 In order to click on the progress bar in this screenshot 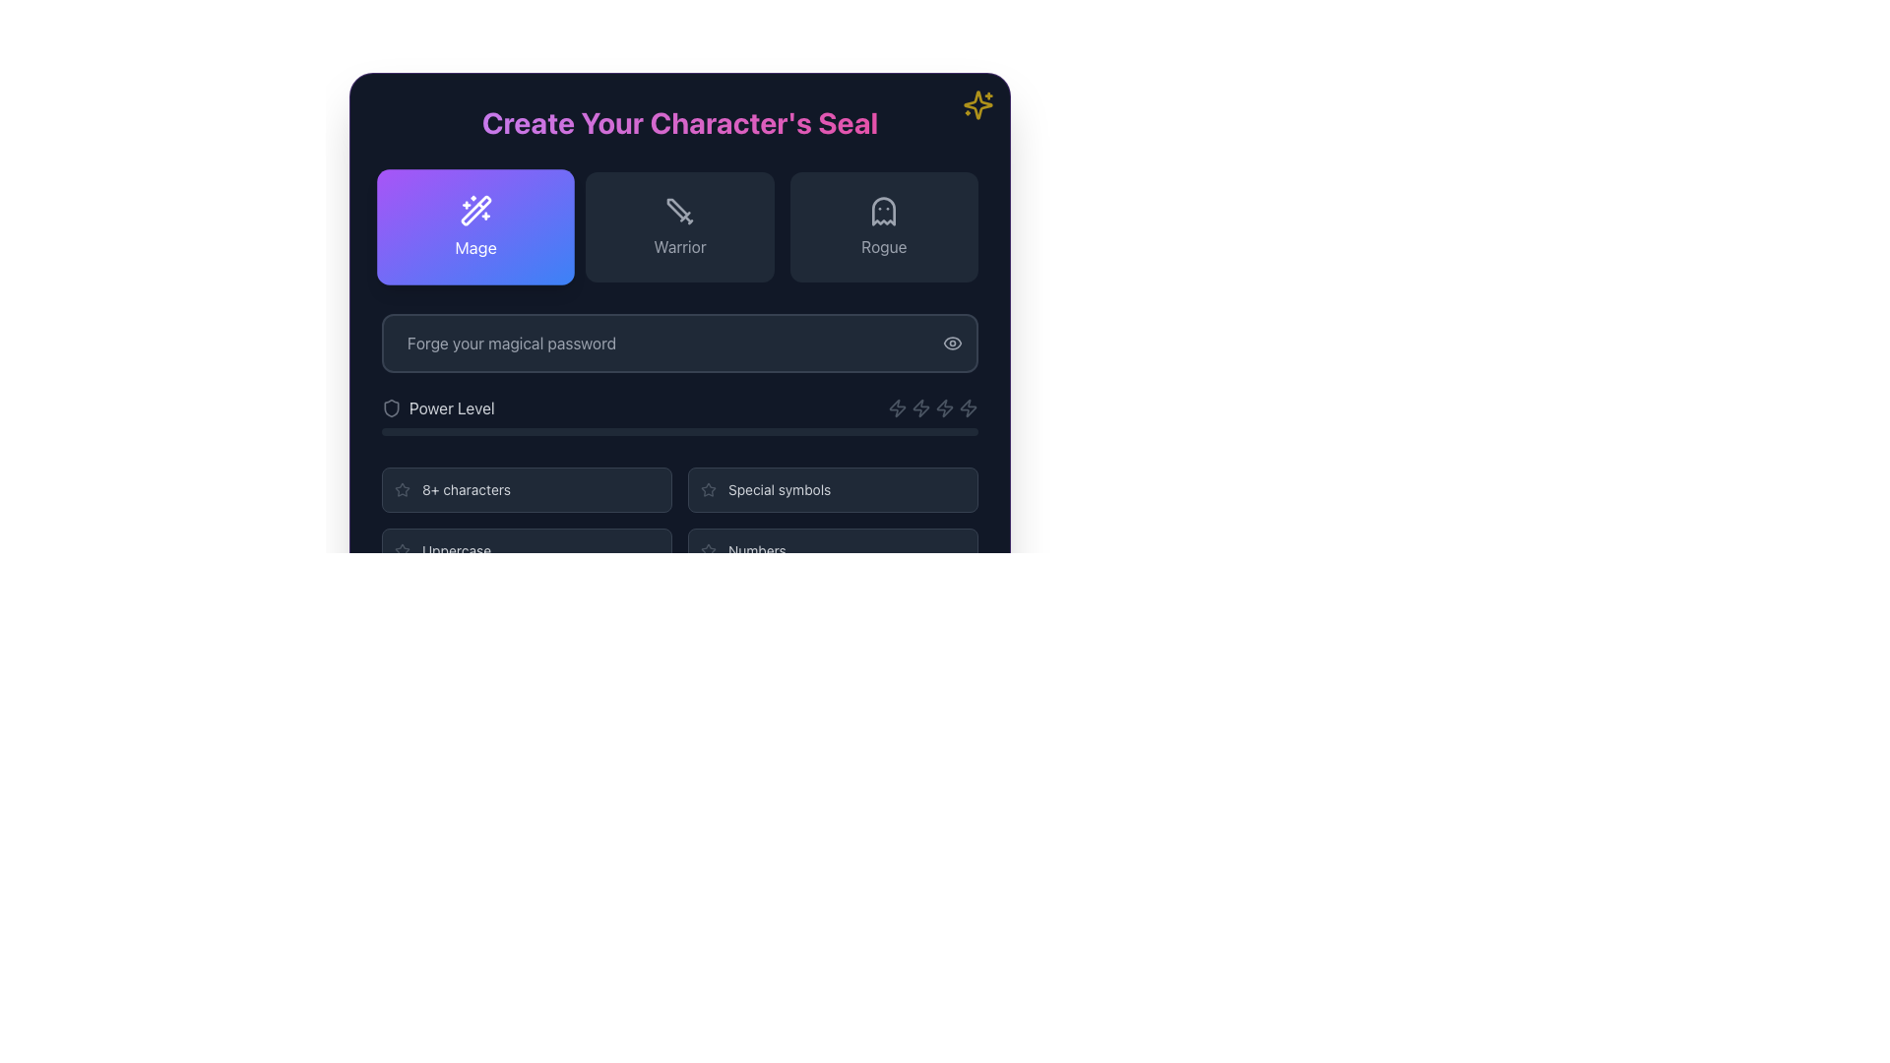, I will do `click(923, 431)`.